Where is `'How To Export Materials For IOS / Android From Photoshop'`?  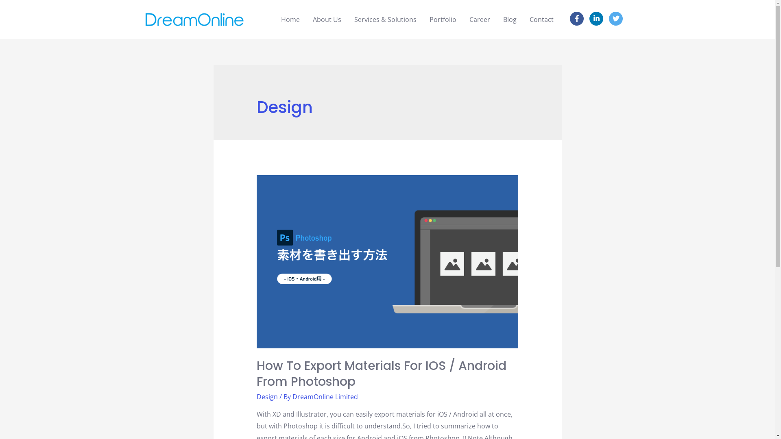
'How To Export Materials For IOS / Android From Photoshop' is located at coordinates (381, 374).